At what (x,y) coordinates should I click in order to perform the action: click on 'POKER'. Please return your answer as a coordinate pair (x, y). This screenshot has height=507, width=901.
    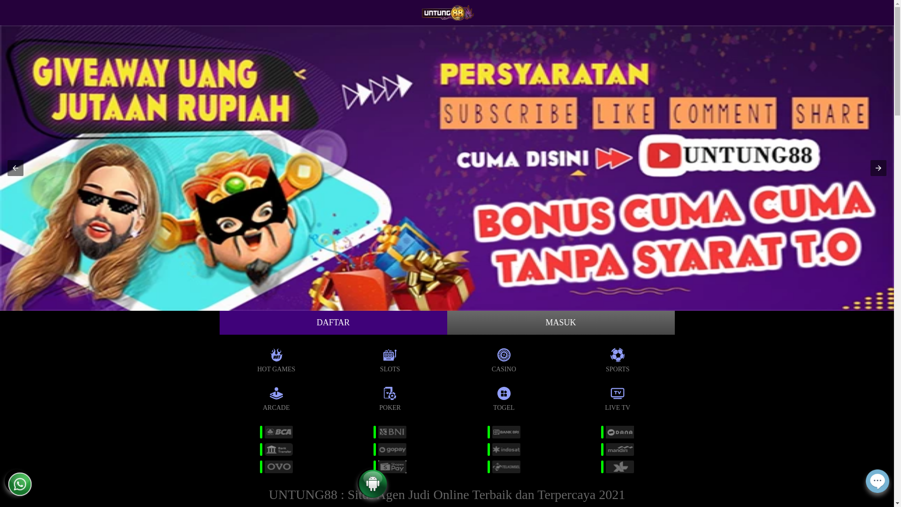
    Looking at the image, I should click on (390, 397).